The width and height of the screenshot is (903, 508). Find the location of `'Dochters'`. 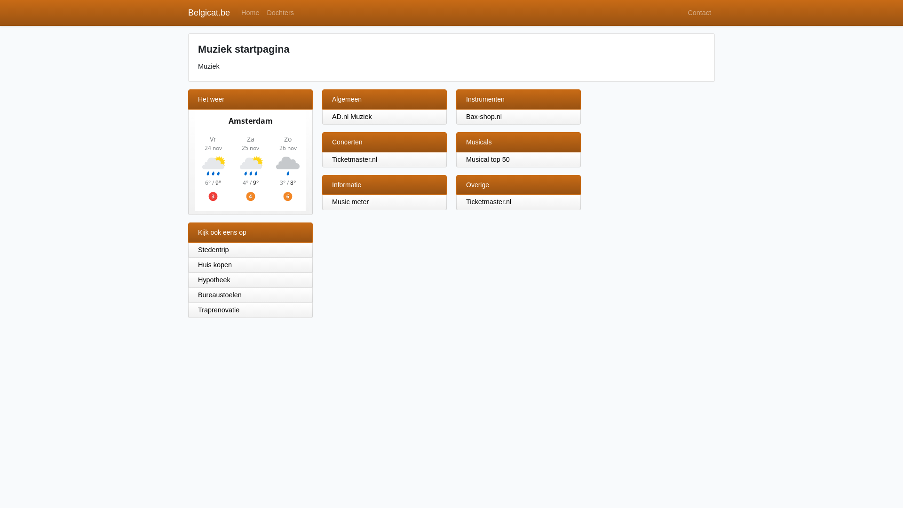

'Dochters' is located at coordinates (262, 13).